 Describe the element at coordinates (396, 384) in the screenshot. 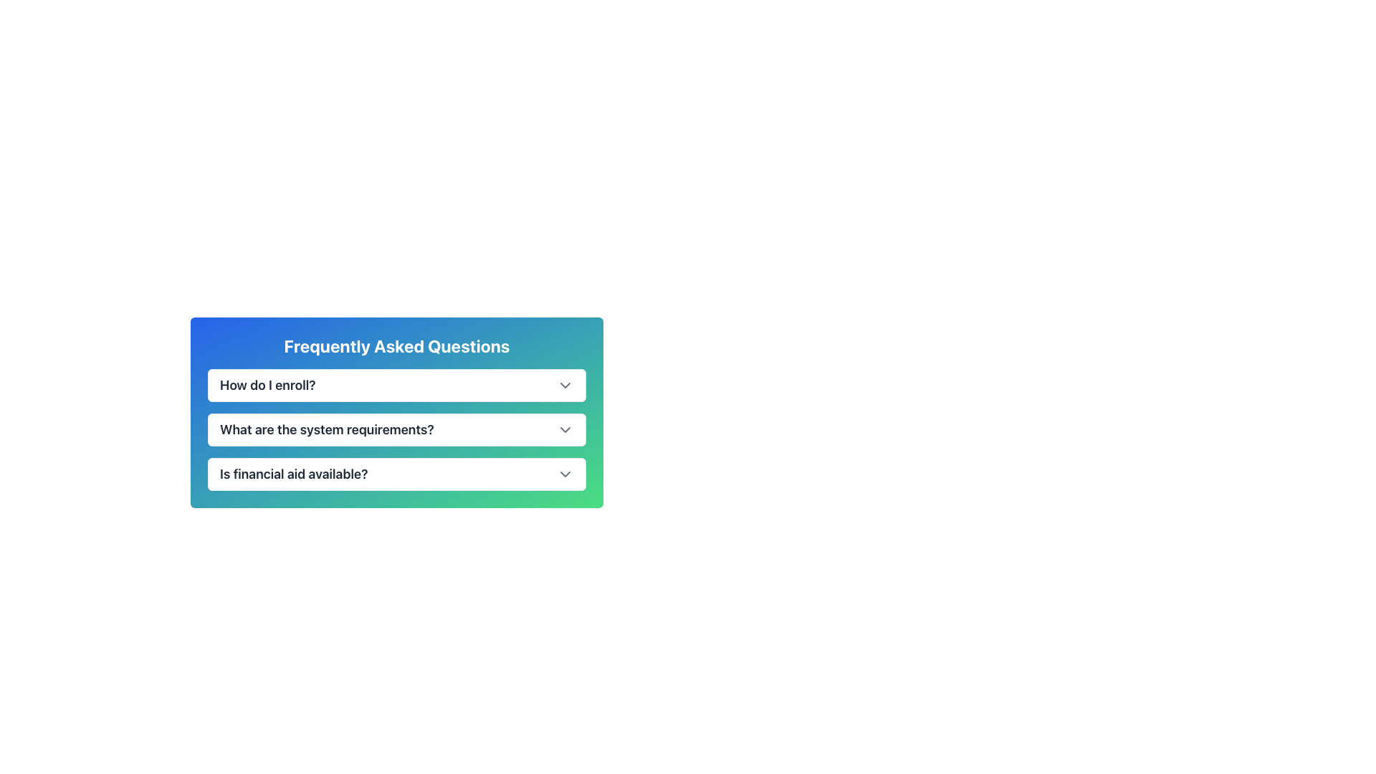

I see `the first item in the FAQ section` at that location.